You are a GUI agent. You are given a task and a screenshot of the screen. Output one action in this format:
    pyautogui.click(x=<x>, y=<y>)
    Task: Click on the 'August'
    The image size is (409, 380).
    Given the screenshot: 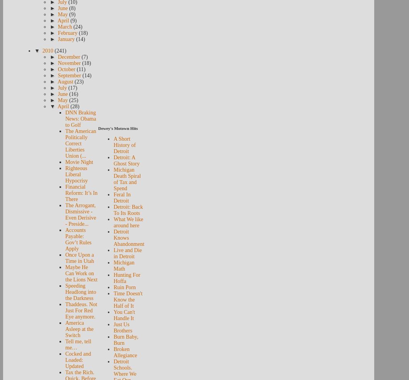 What is the action you would take?
    pyautogui.click(x=57, y=82)
    